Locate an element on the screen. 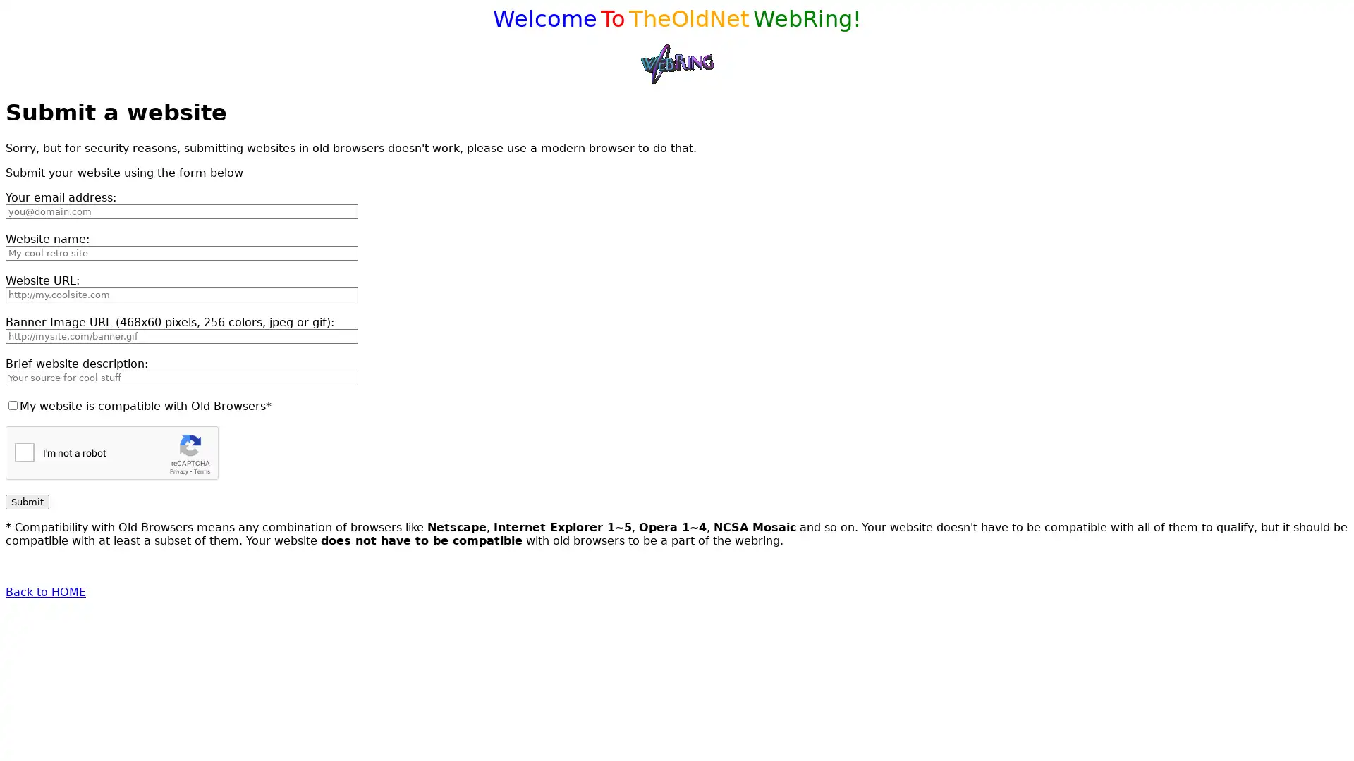  Submit is located at coordinates (27, 500).